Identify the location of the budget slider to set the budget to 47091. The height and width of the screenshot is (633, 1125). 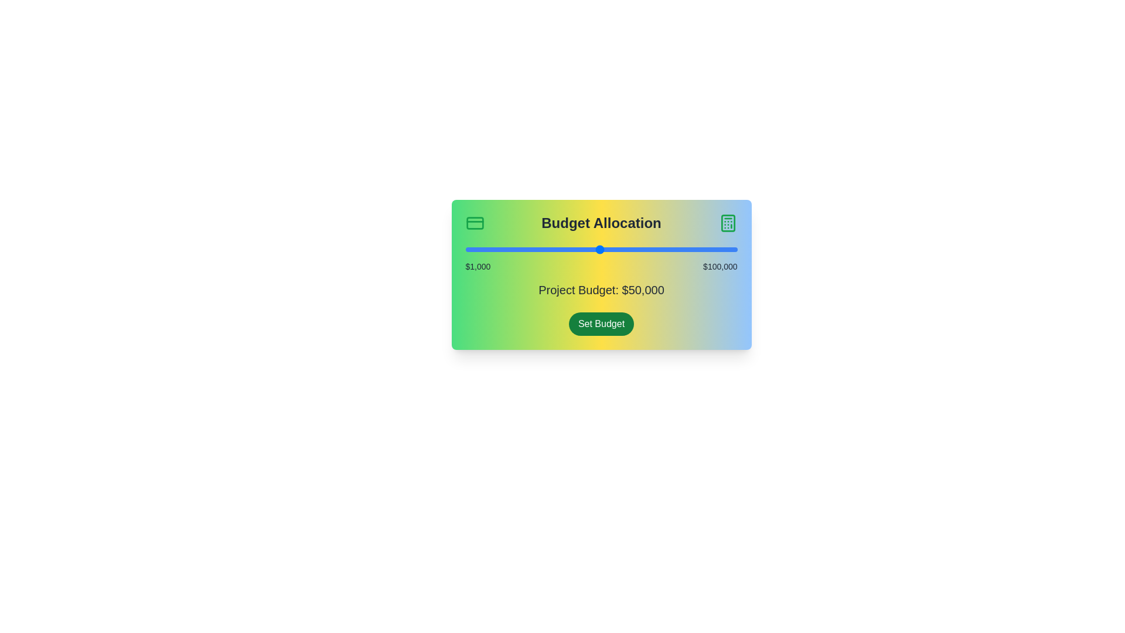
(592, 249).